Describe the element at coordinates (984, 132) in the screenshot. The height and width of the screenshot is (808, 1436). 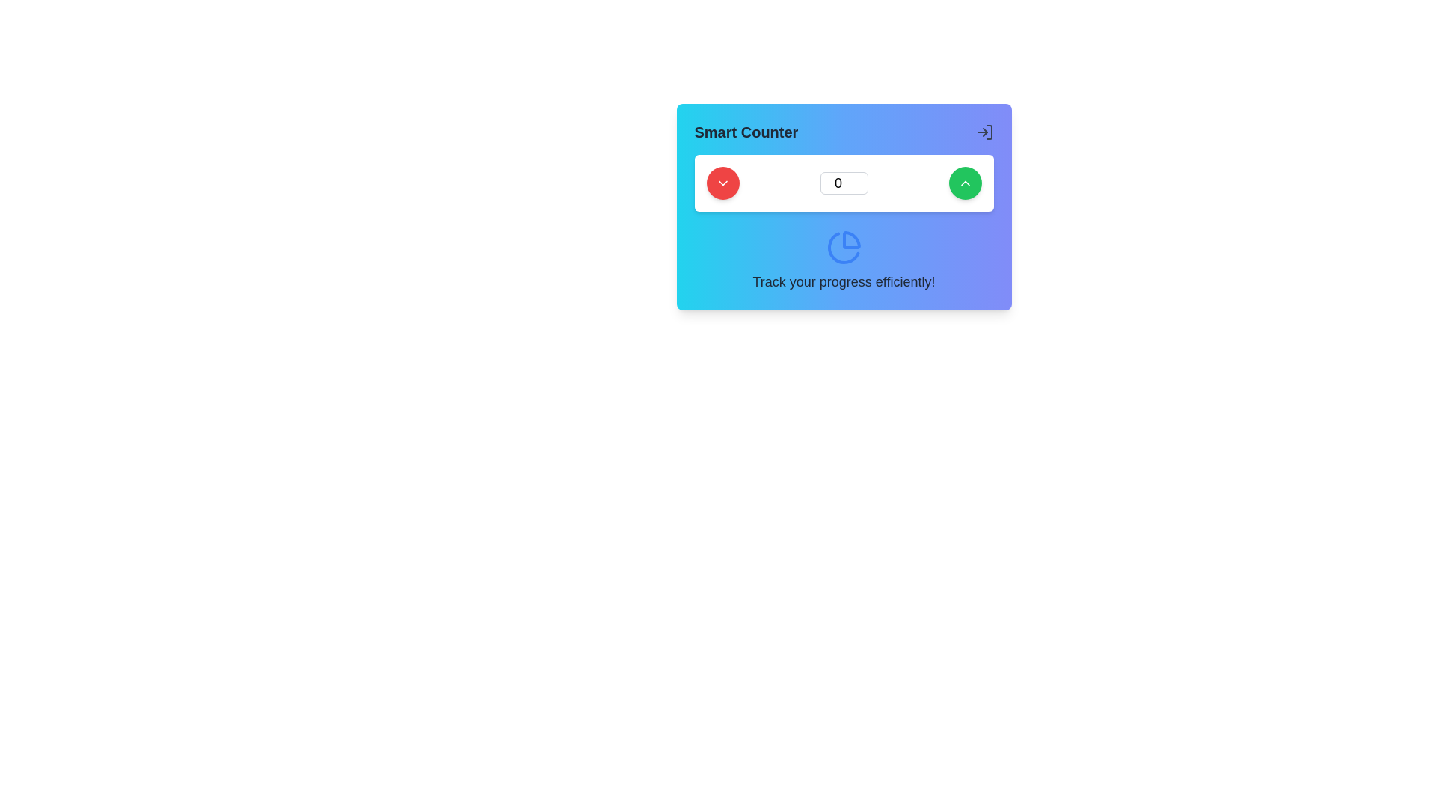
I see `the rightward-pointing arrow icon in the upper-right corner of the 'Smart Counter' widget to initiate navigation` at that location.